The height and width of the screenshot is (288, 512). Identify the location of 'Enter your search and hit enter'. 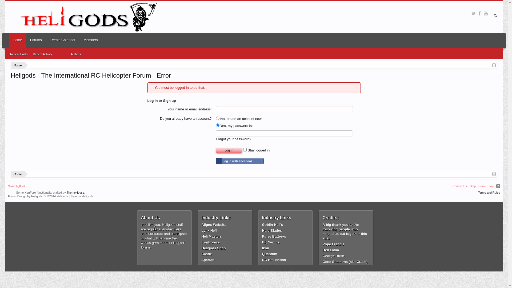
(495, 15).